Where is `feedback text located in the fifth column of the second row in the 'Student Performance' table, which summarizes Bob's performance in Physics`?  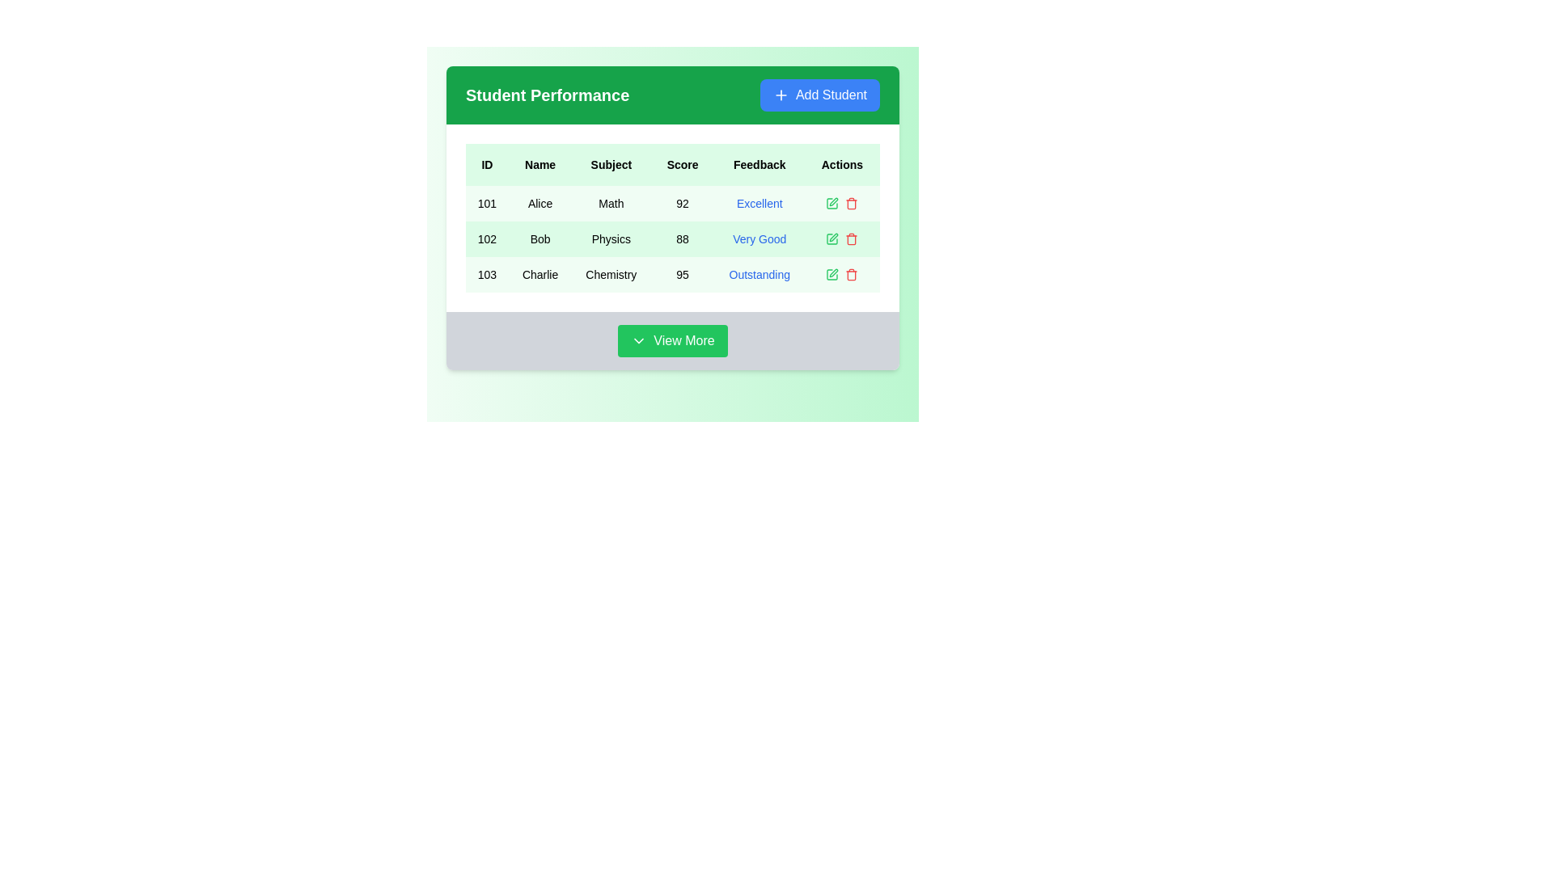
feedback text located in the fifth column of the second row in the 'Student Performance' table, which summarizes Bob's performance in Physics is located at coordinates (759, 239).